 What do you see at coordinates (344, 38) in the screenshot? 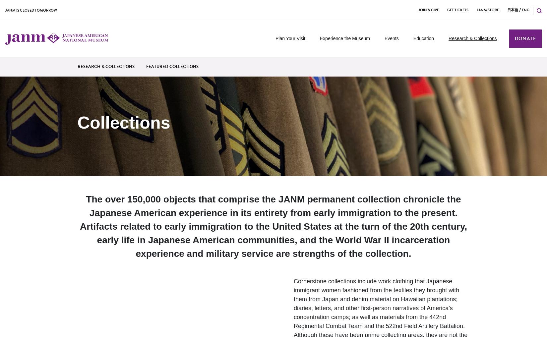
I see `'Experience the Museum'` at bounding box center [344, 38].